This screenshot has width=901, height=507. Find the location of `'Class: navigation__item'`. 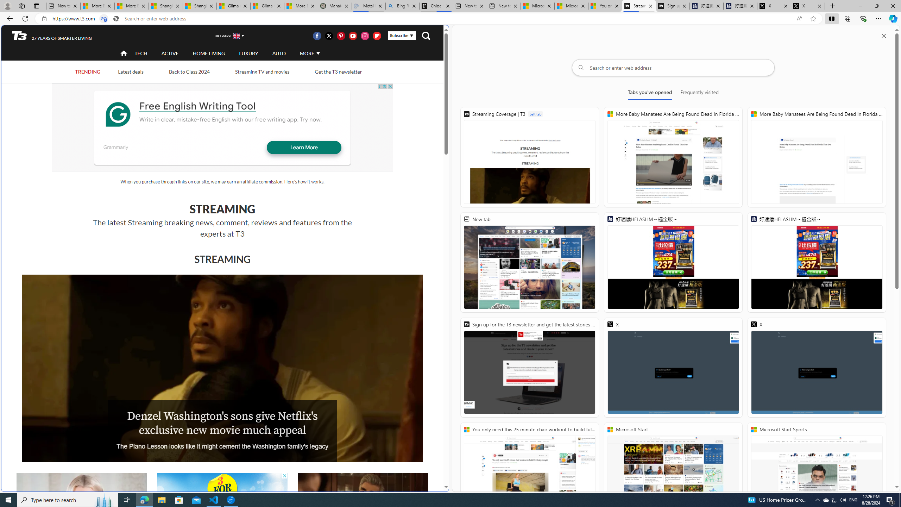

'Class: navigation__item' is located at coordinates (123, 53).